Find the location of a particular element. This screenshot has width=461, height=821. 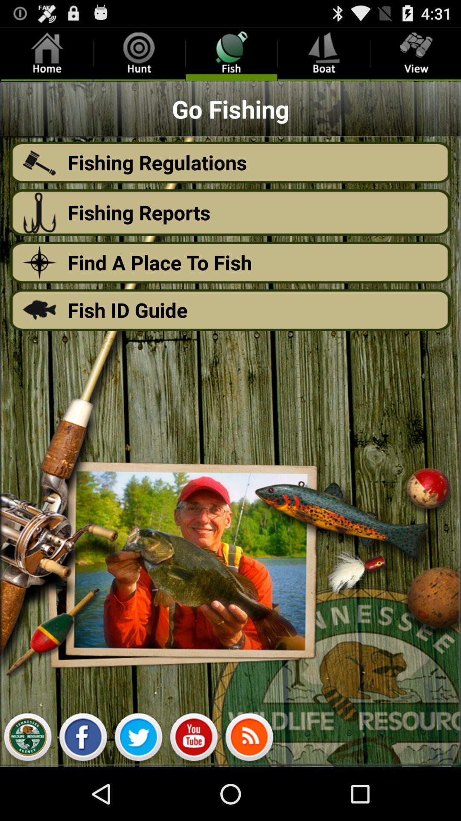

choose the option is located at coordinates (27, 739).